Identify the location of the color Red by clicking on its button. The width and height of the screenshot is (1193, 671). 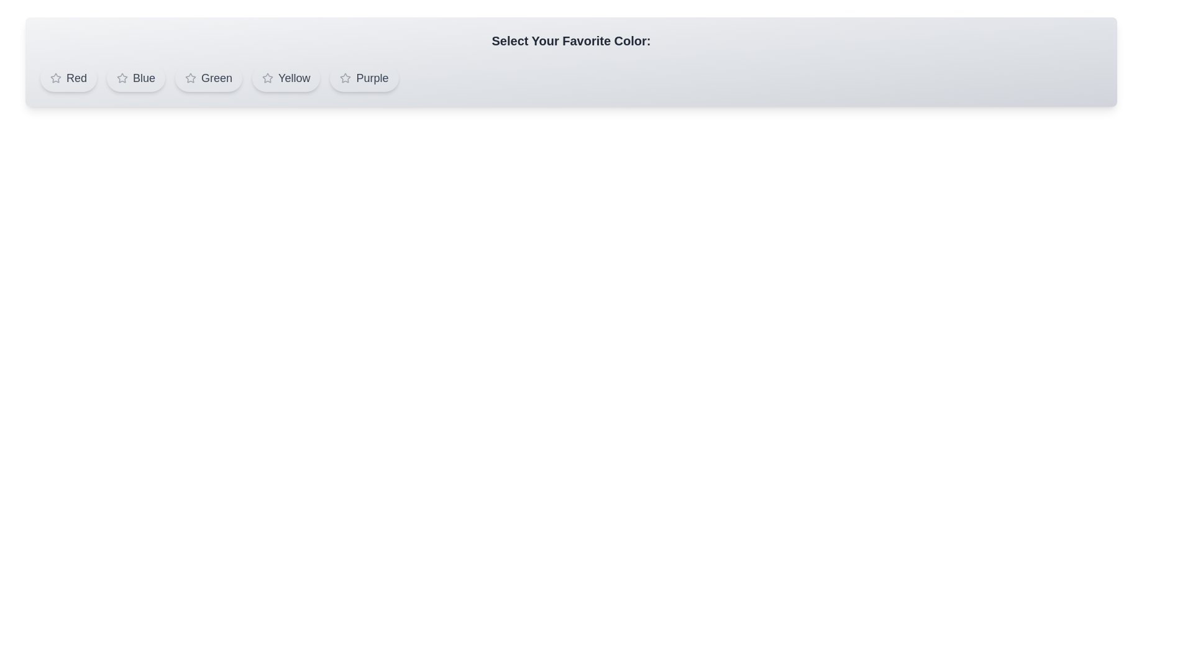
(68, 78).